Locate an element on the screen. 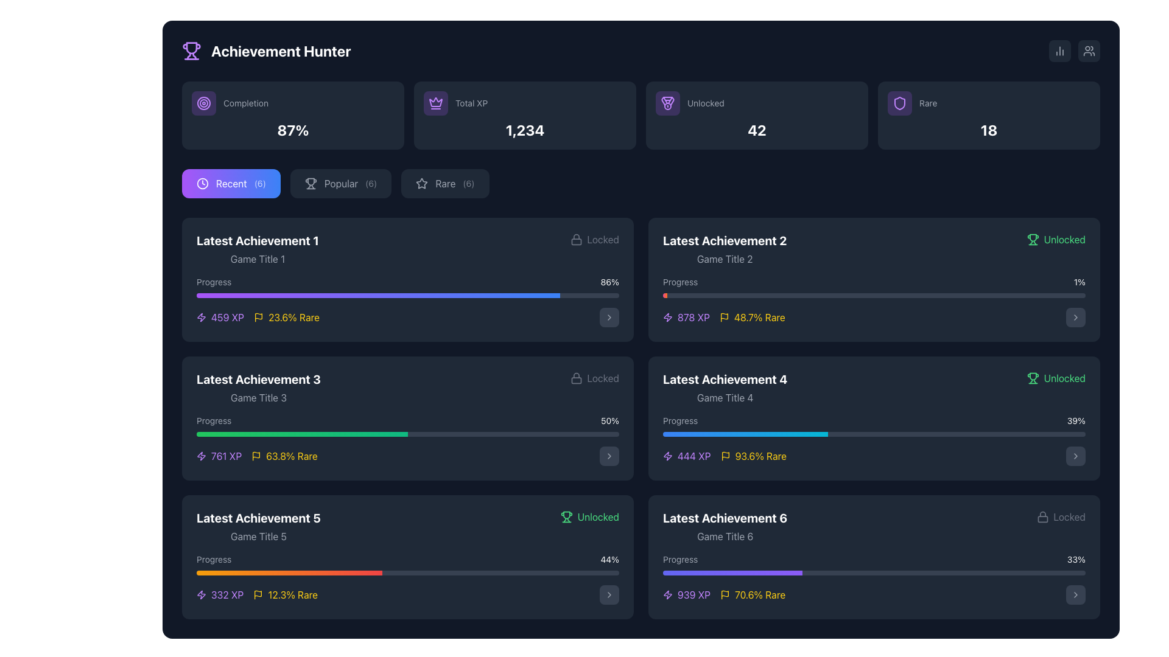 The image size is (1169, 657). the text label displaying experience points (XP) for 'Latest Achievement 5', located at the bottom left of the section, below the progress status bar is located at coordinates (227, 594).